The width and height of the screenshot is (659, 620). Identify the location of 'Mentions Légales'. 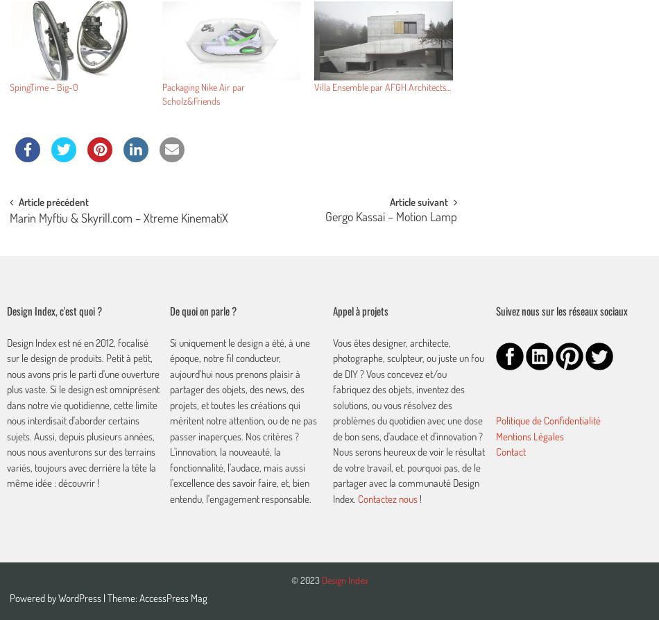
(529, 436).